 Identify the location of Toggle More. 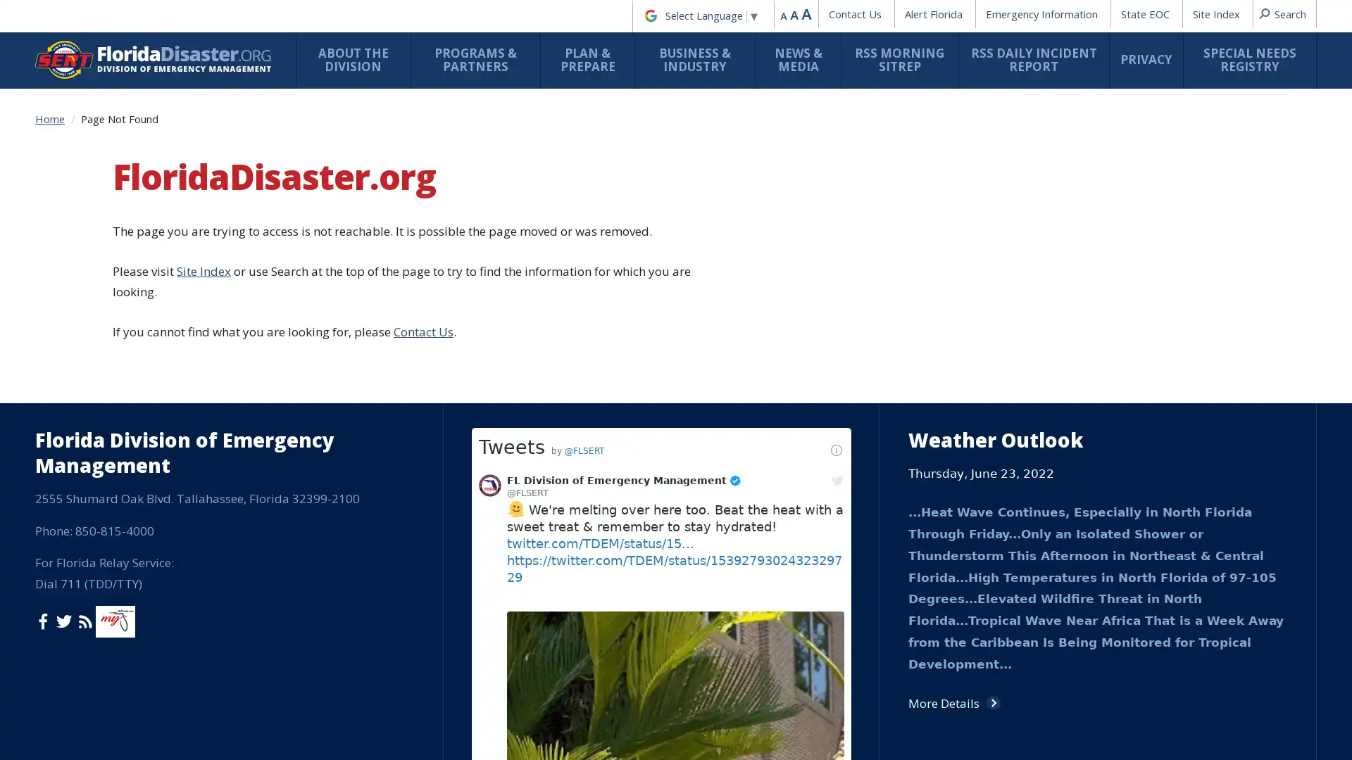
(564, 187).